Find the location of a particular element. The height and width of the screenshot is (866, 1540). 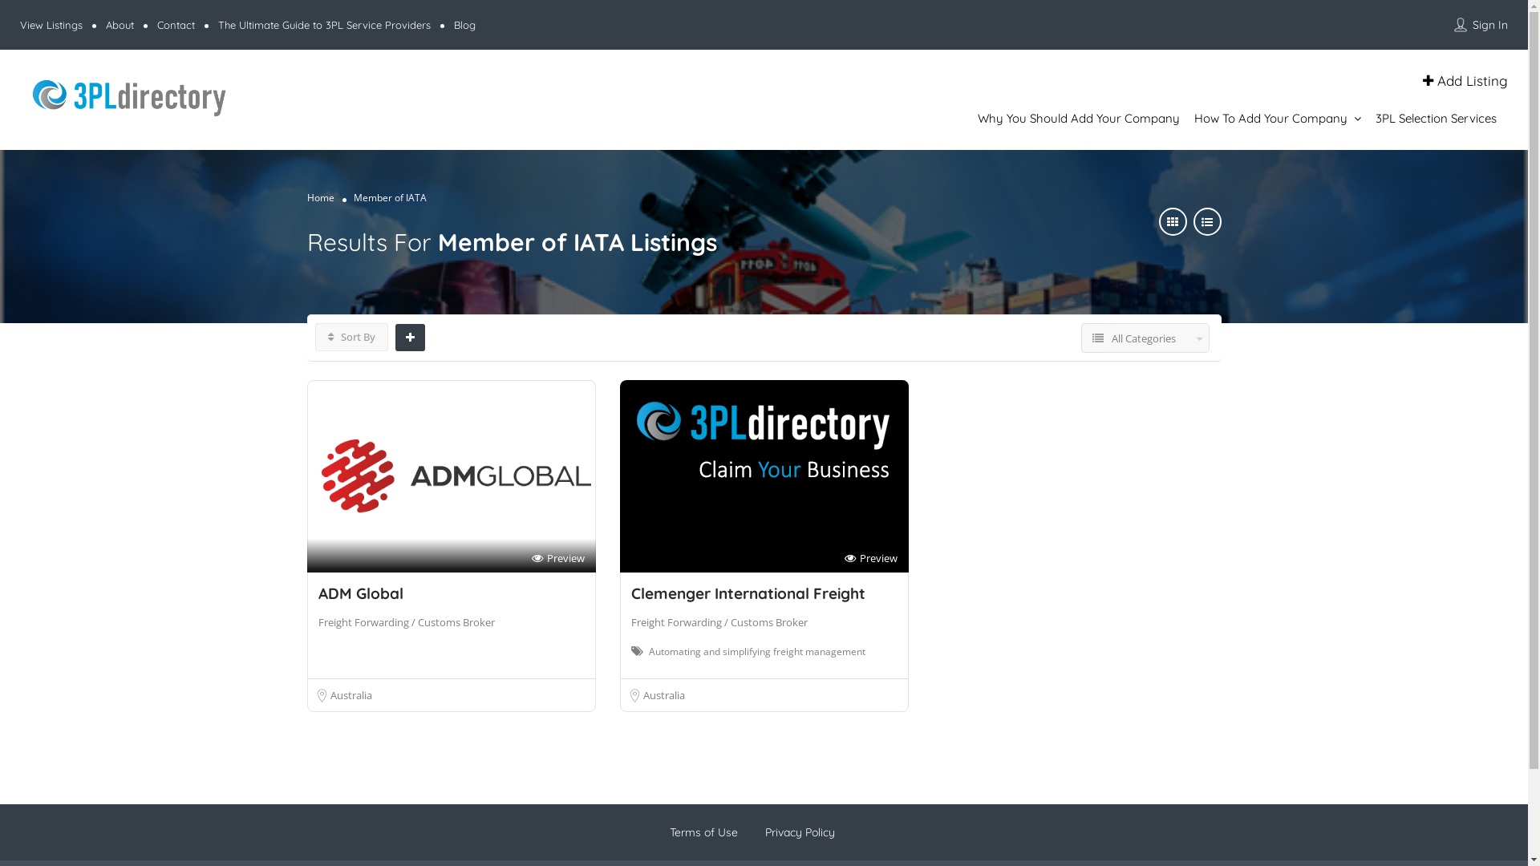

'Contact' is located at coordinates (176, 24).